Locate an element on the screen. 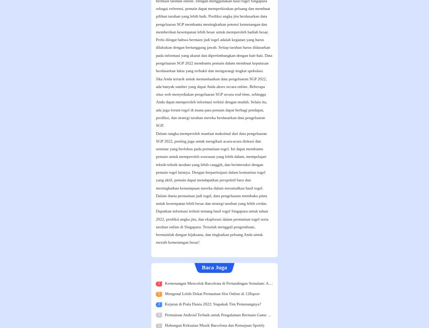 This screenshot has width=429, height=328. 'Kemenangan Mencolok Barcelona di Pertandingan Semalam: Analisis dan Rekam Jejak' is located at coordinates (236, 282).